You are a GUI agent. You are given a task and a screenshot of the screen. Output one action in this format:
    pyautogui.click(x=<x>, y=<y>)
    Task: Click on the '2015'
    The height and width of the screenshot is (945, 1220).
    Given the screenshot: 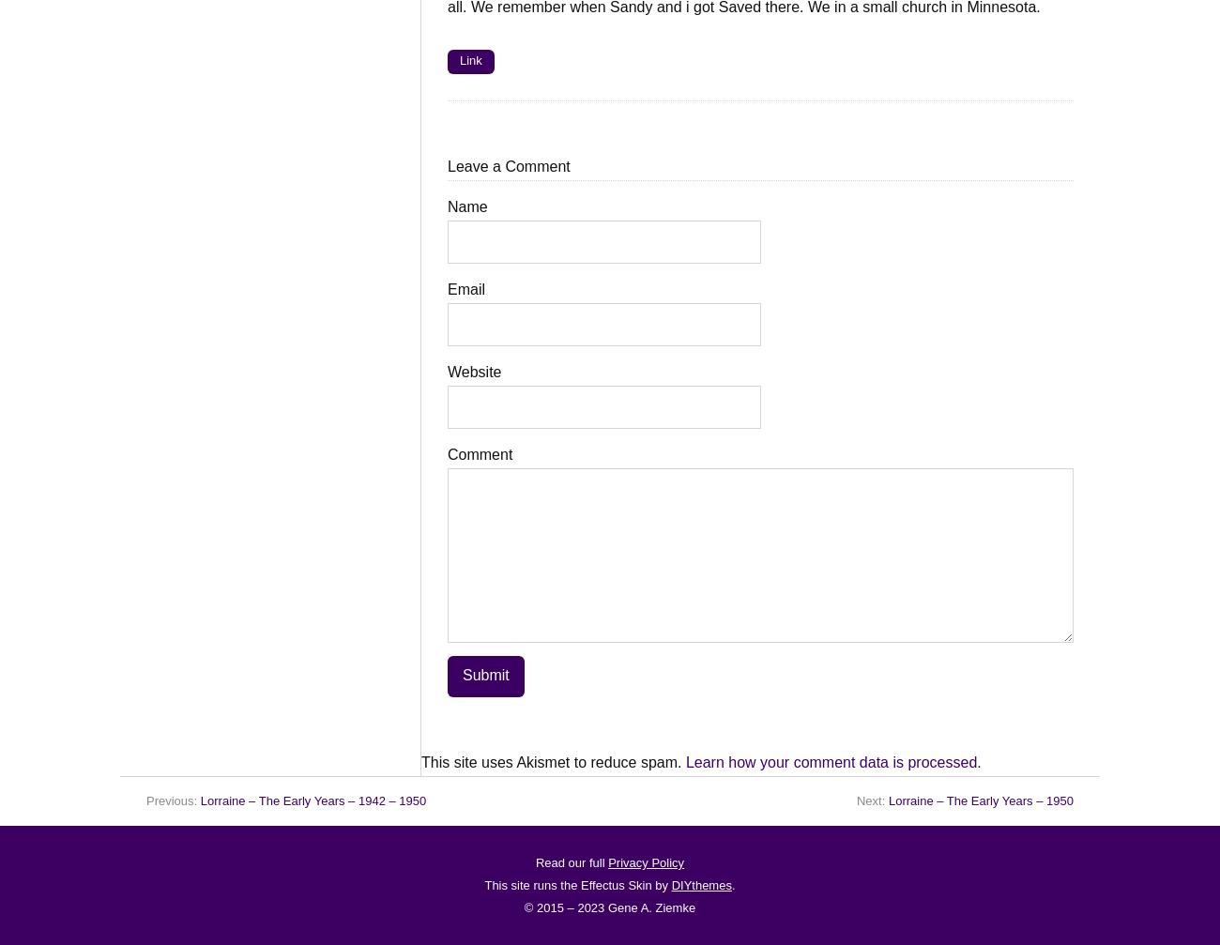 What is the action you would take?
    pyautogui.click(x=549, y=907)
    